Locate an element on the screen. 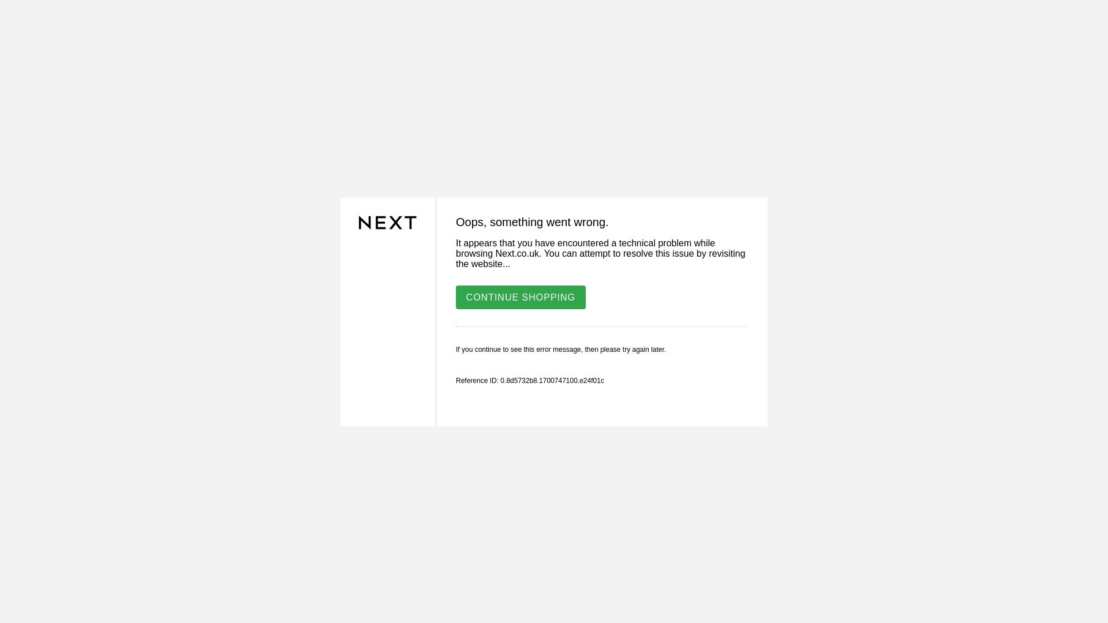  'CONTINUE SHOPPING' is located at coordinates (455, 296).